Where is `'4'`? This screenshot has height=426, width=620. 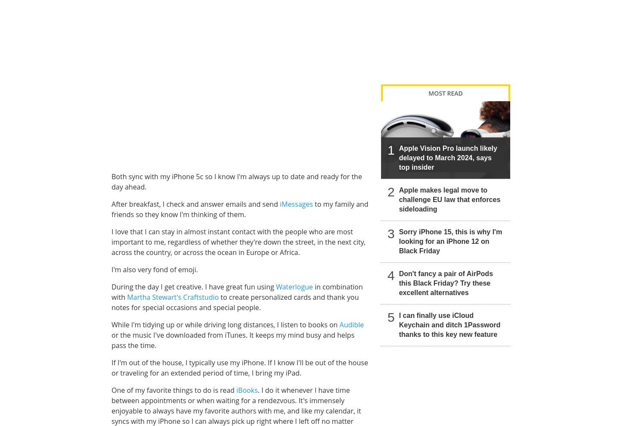
'4' is located at coordinates (391, 275).